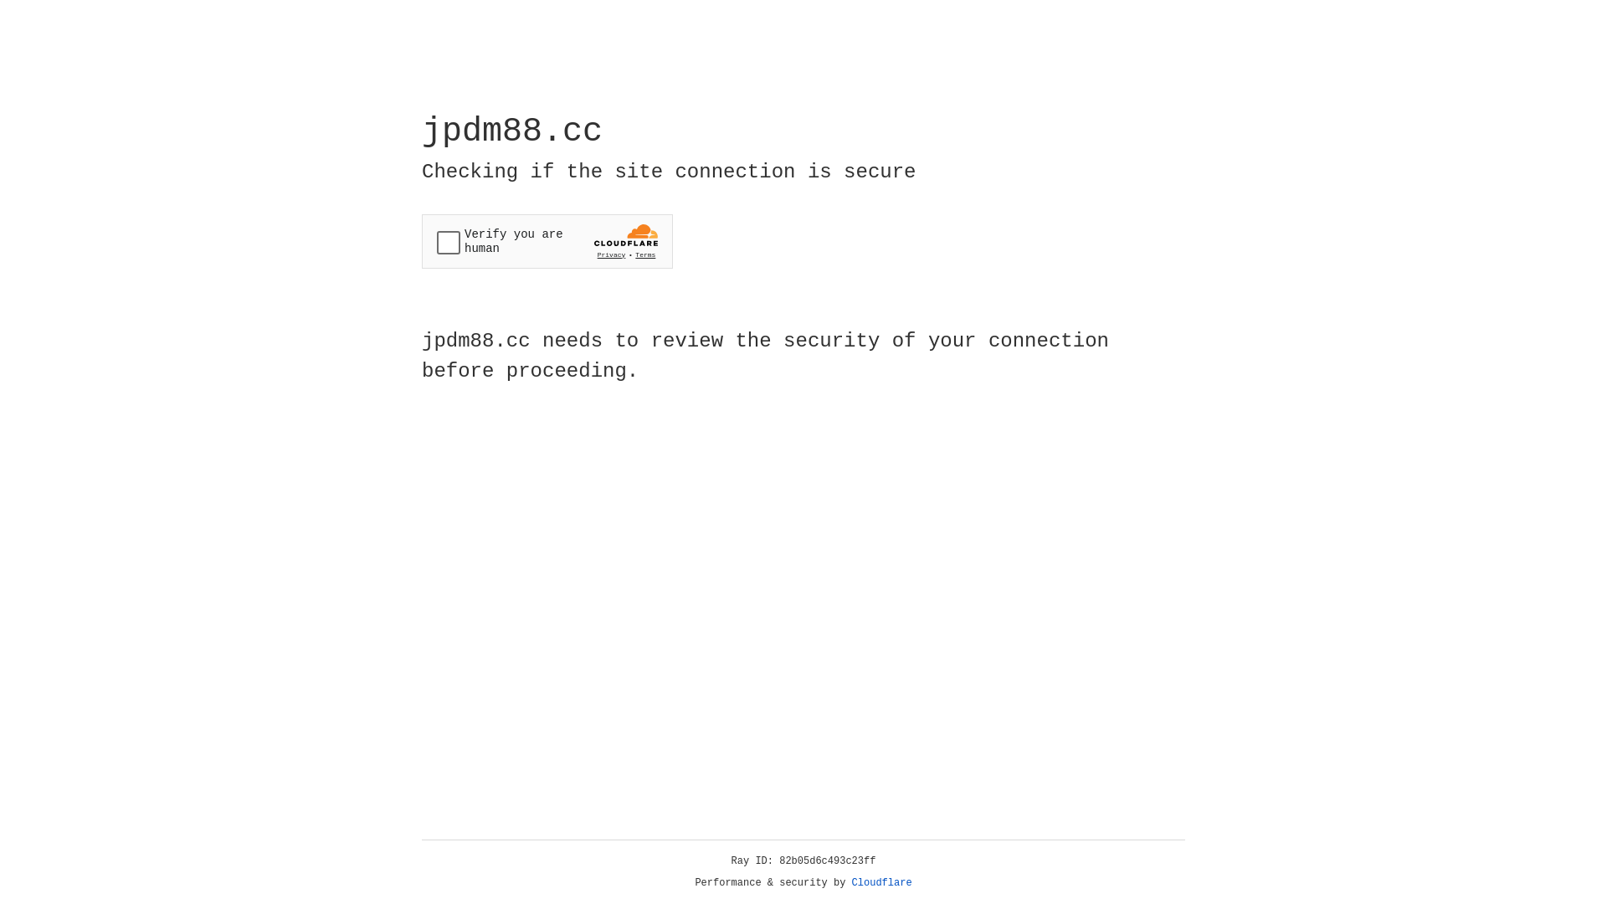 The height and width of the screenshot is (904, 1607). What do you see at coordinates (851, 882) in the screenshot?
I see `'Cloudflare'` at bounding box center [851, 882].